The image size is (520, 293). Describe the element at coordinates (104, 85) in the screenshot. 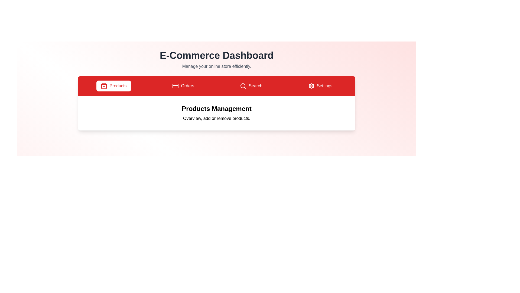

I see `the 'Products' icon, which is part of the button on the leftmost side of the red bar below the 'E-Commerce Dashboard' header` at that location.